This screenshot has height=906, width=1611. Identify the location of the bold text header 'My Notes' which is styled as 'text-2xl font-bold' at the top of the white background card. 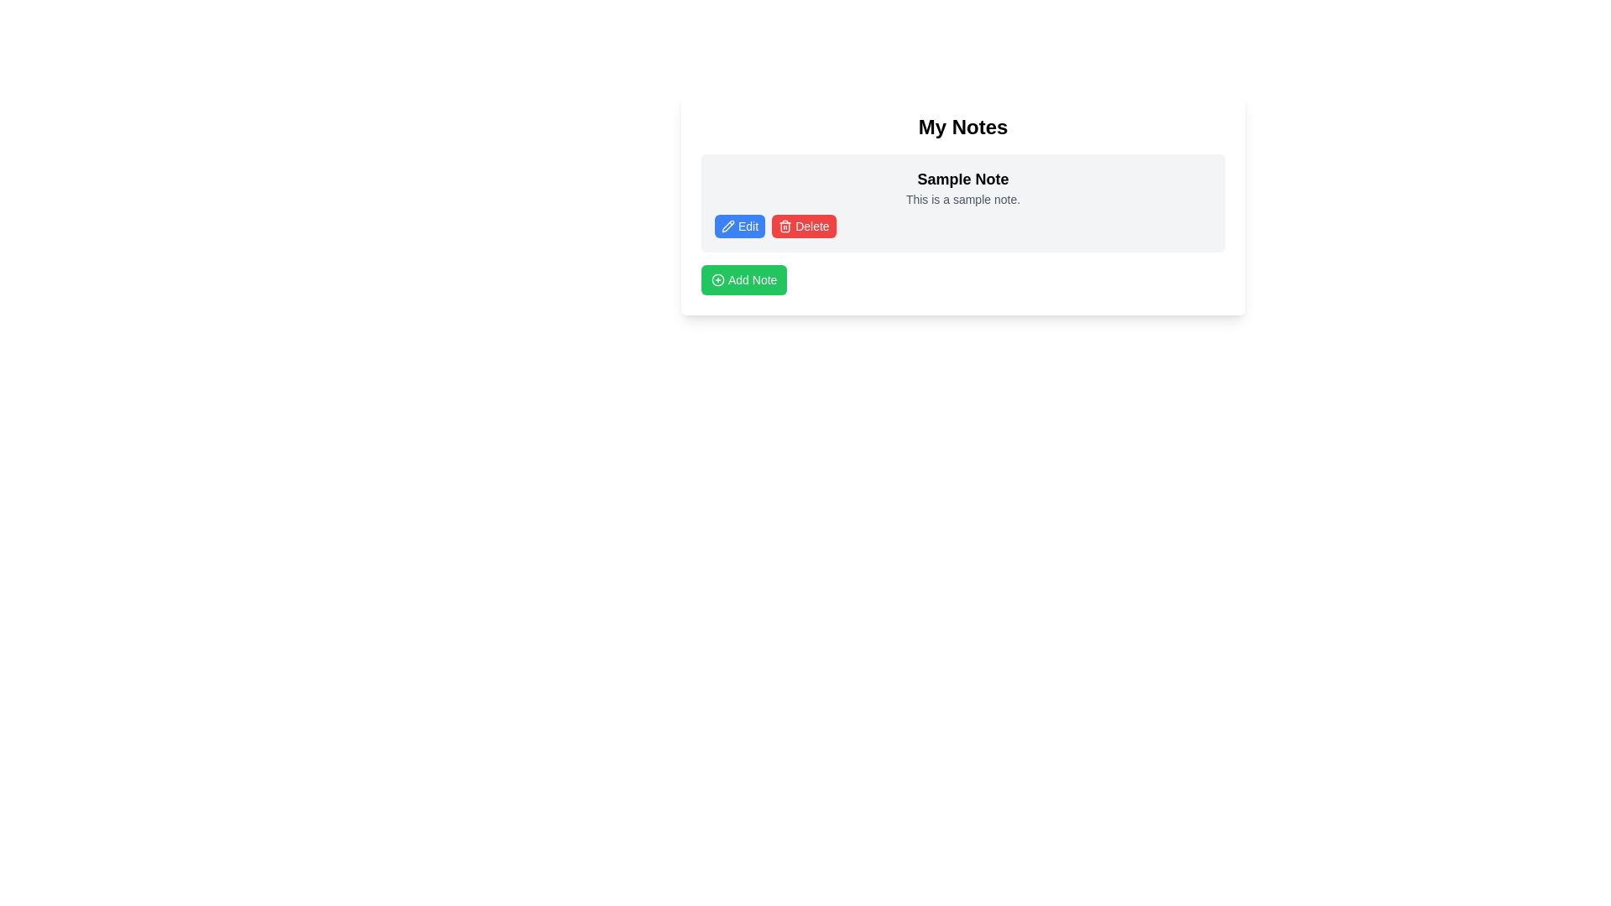
(962, 126).